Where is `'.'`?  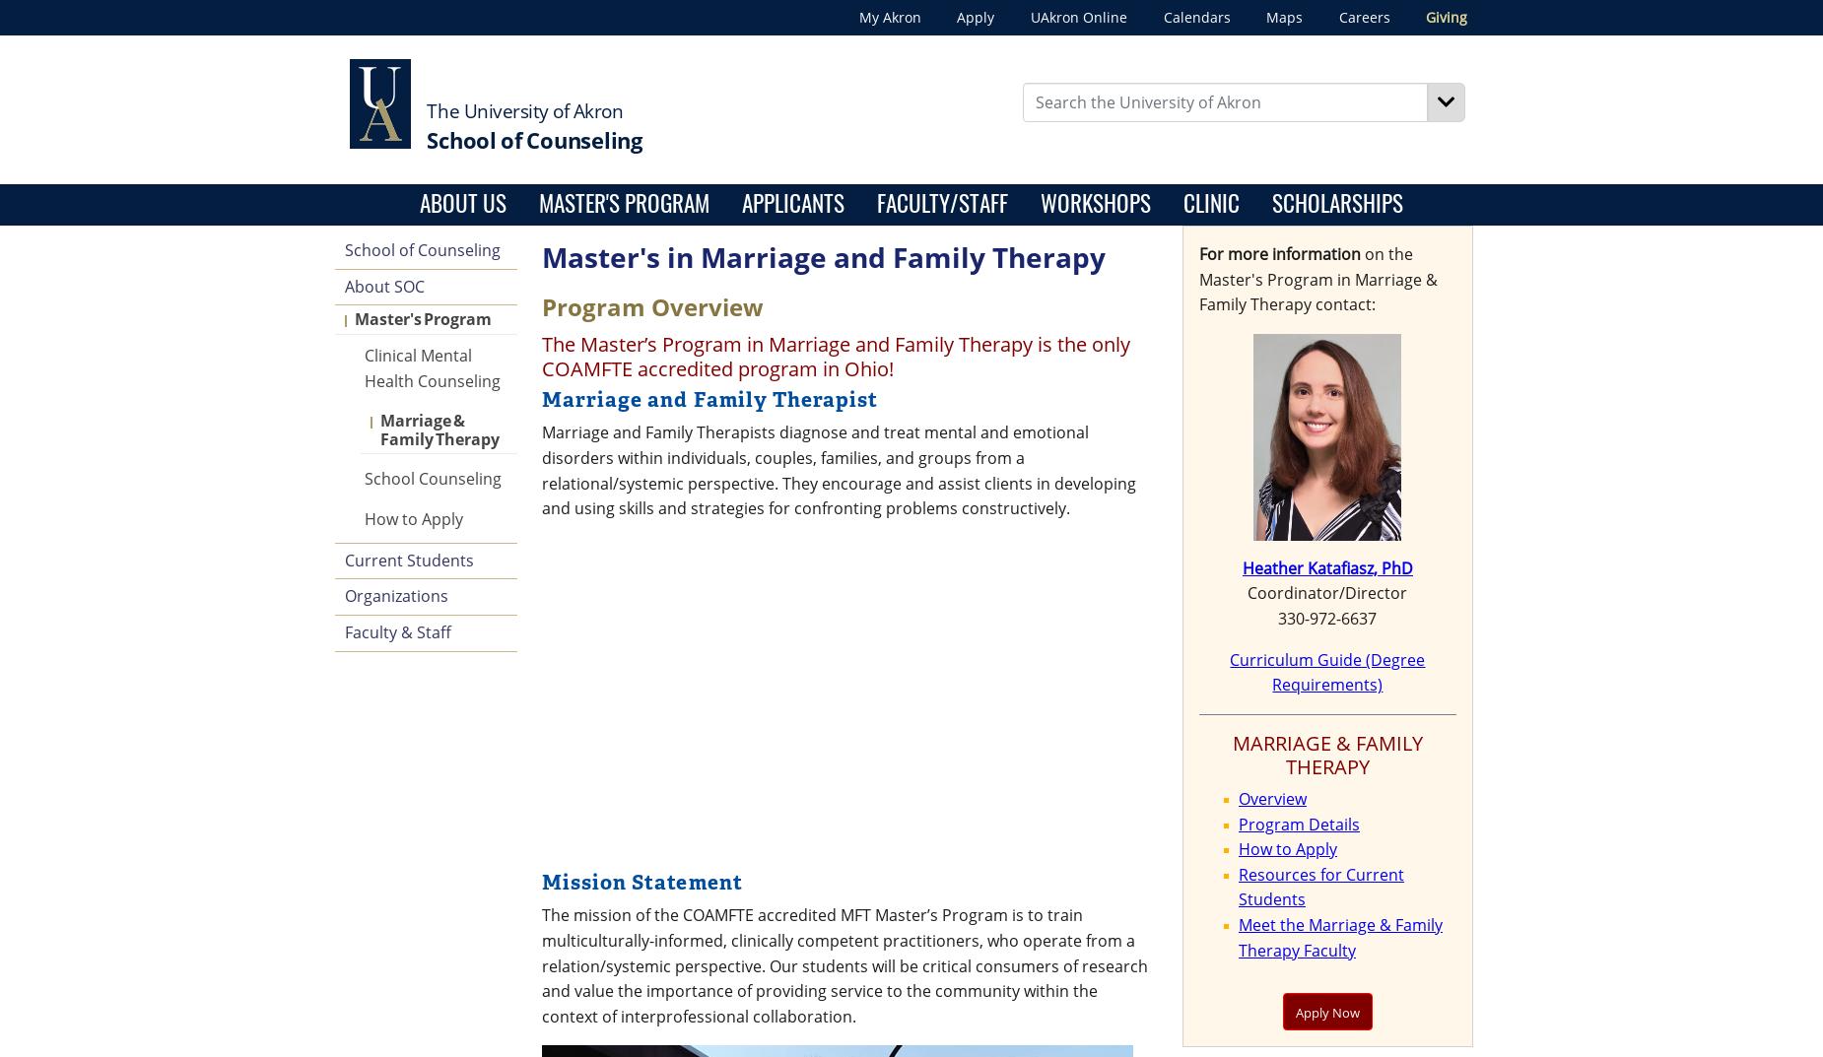 '.' is located at coordinates (1085, 633).